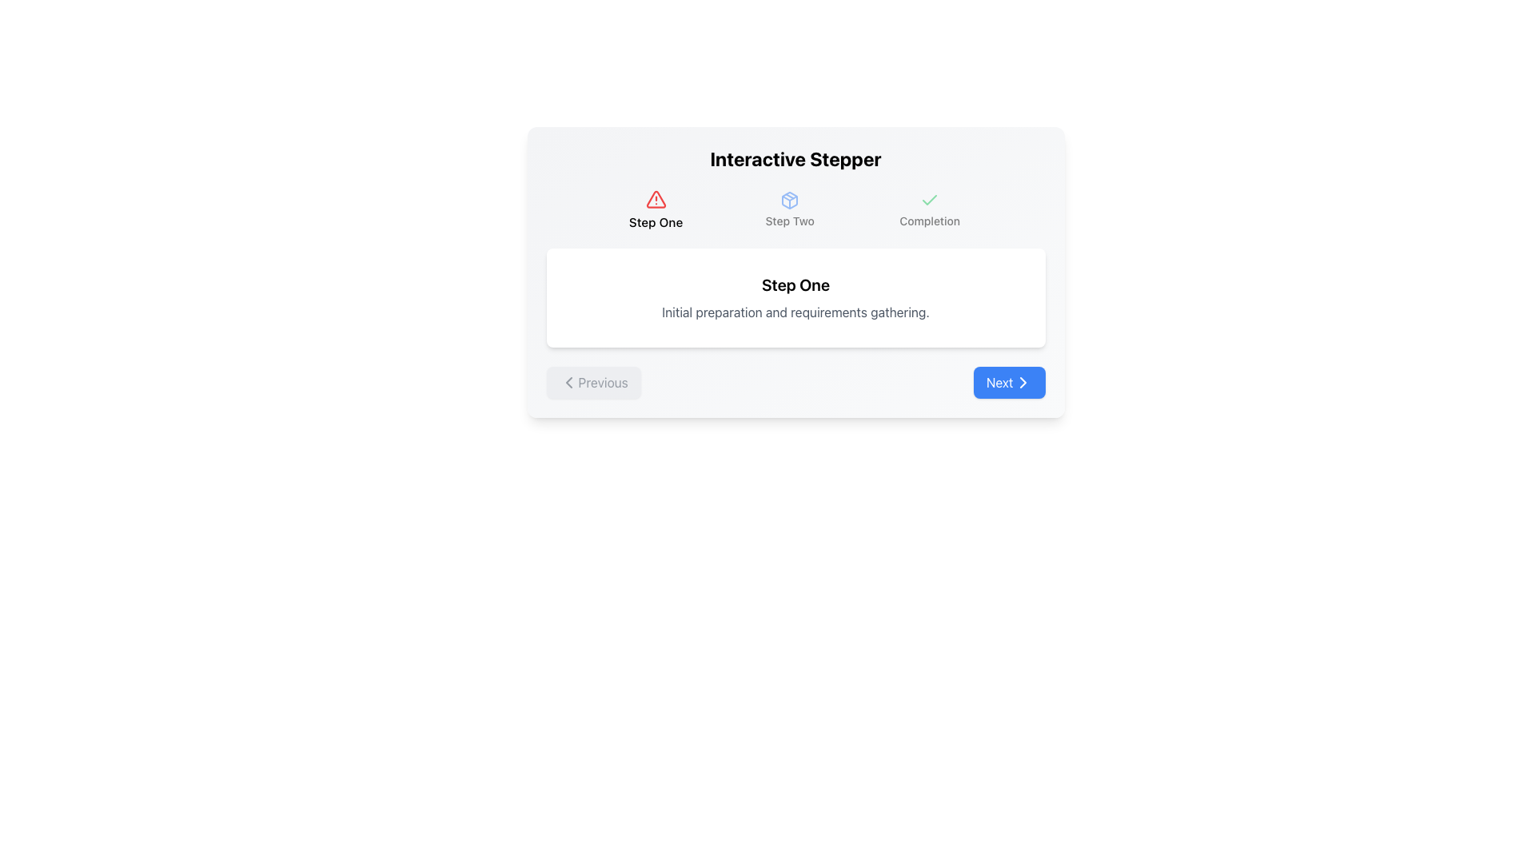 The height and width of the screenshot is (863, 1535). What do you see at coordinates (790, 199) in the screenshot?
I see `the package icon representing 'Step Two' in the stepper interface, positioned at the top center among the step indicators` at bounding box center [790, 199].